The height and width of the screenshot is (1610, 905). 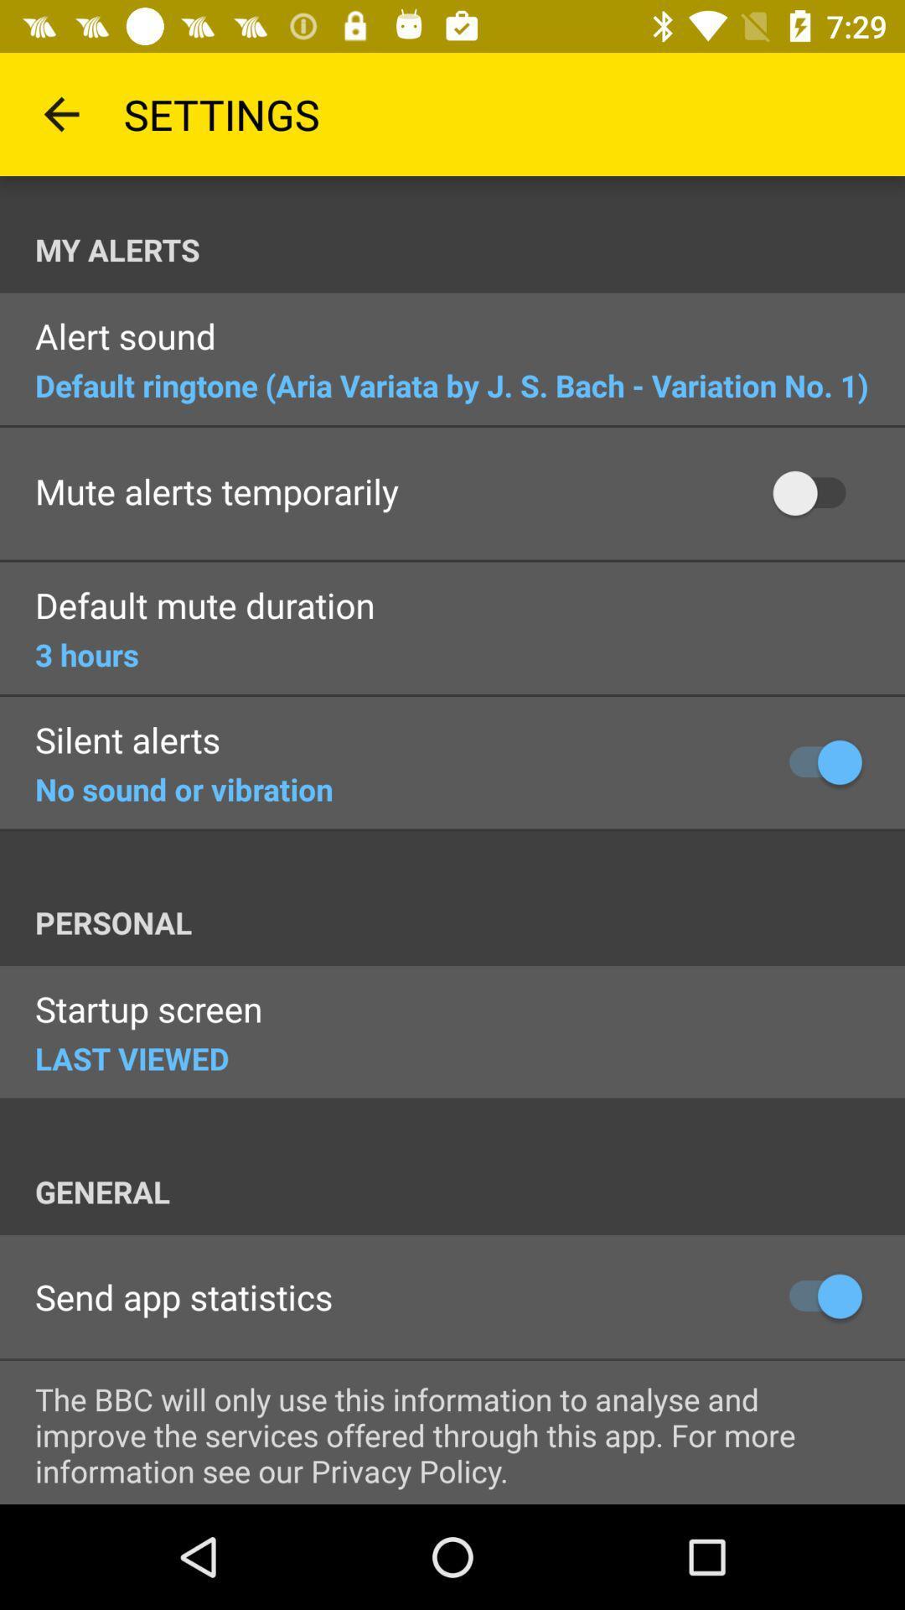 What do you see at coordinates (184, 788) in the screenshot?
I see `no sound or item` at bounding box center [184, 788].